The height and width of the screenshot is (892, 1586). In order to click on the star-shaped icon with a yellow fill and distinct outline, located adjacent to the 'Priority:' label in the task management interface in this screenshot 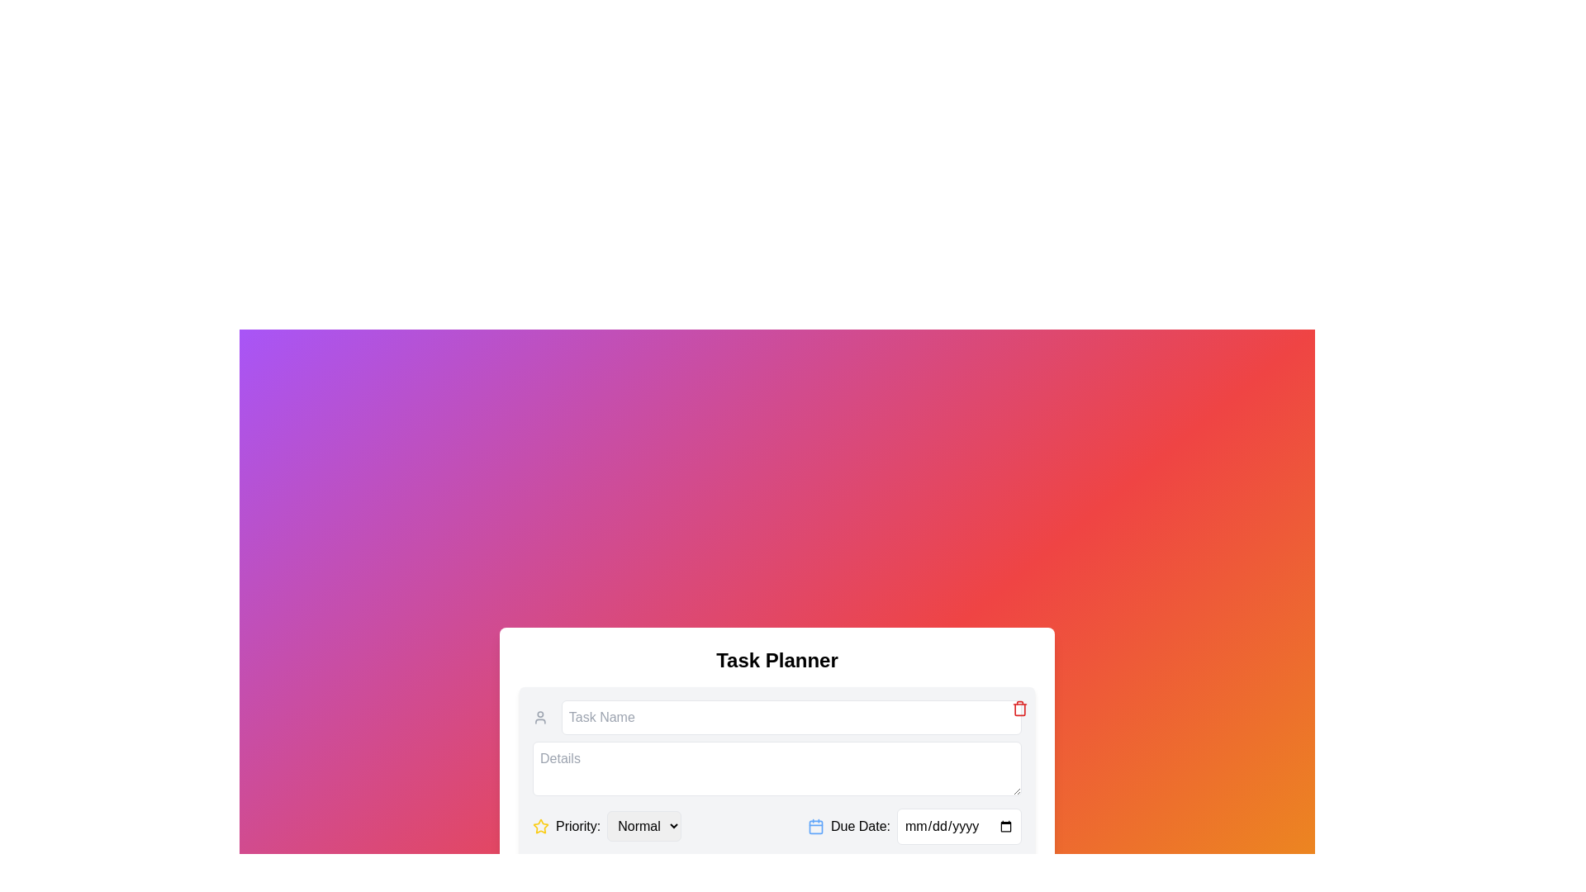, I will do `click(540, 826)`.